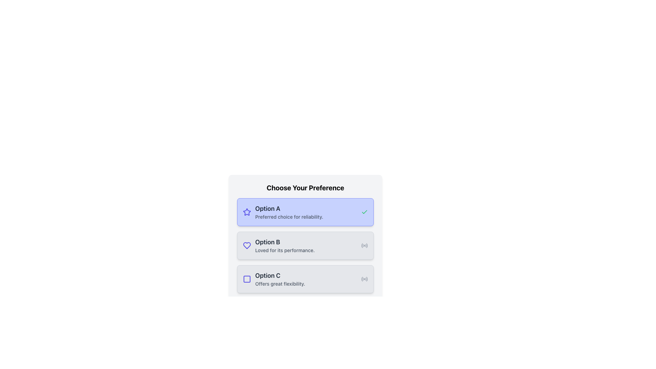 The height and width of the screenshot is (369, 656). Describe the element at coordinates (247, 212) in the screenshot. I see `the decorative star icon with a bold indigo-colored outline located to the left of the text labeled 'Option A'` at that location.